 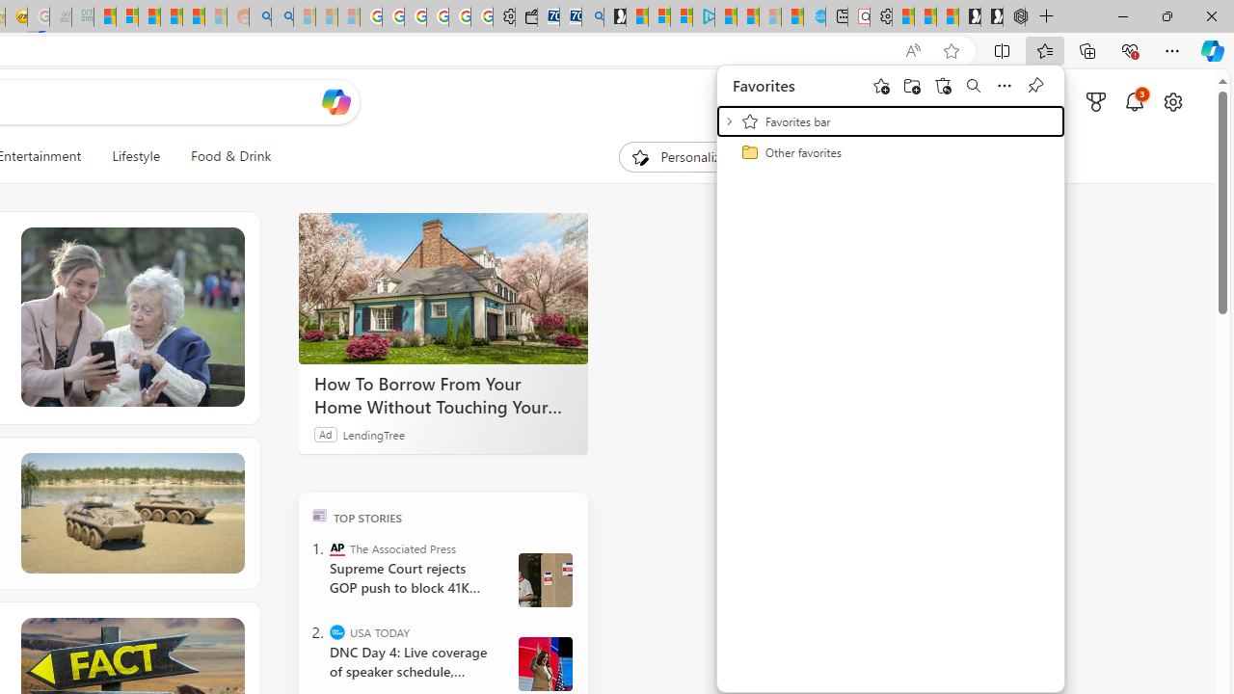 What do you see at coordinates (942, 84) in the screenshot?
I see `'Restore deleted favorites'` at bounding box center [942, 84].